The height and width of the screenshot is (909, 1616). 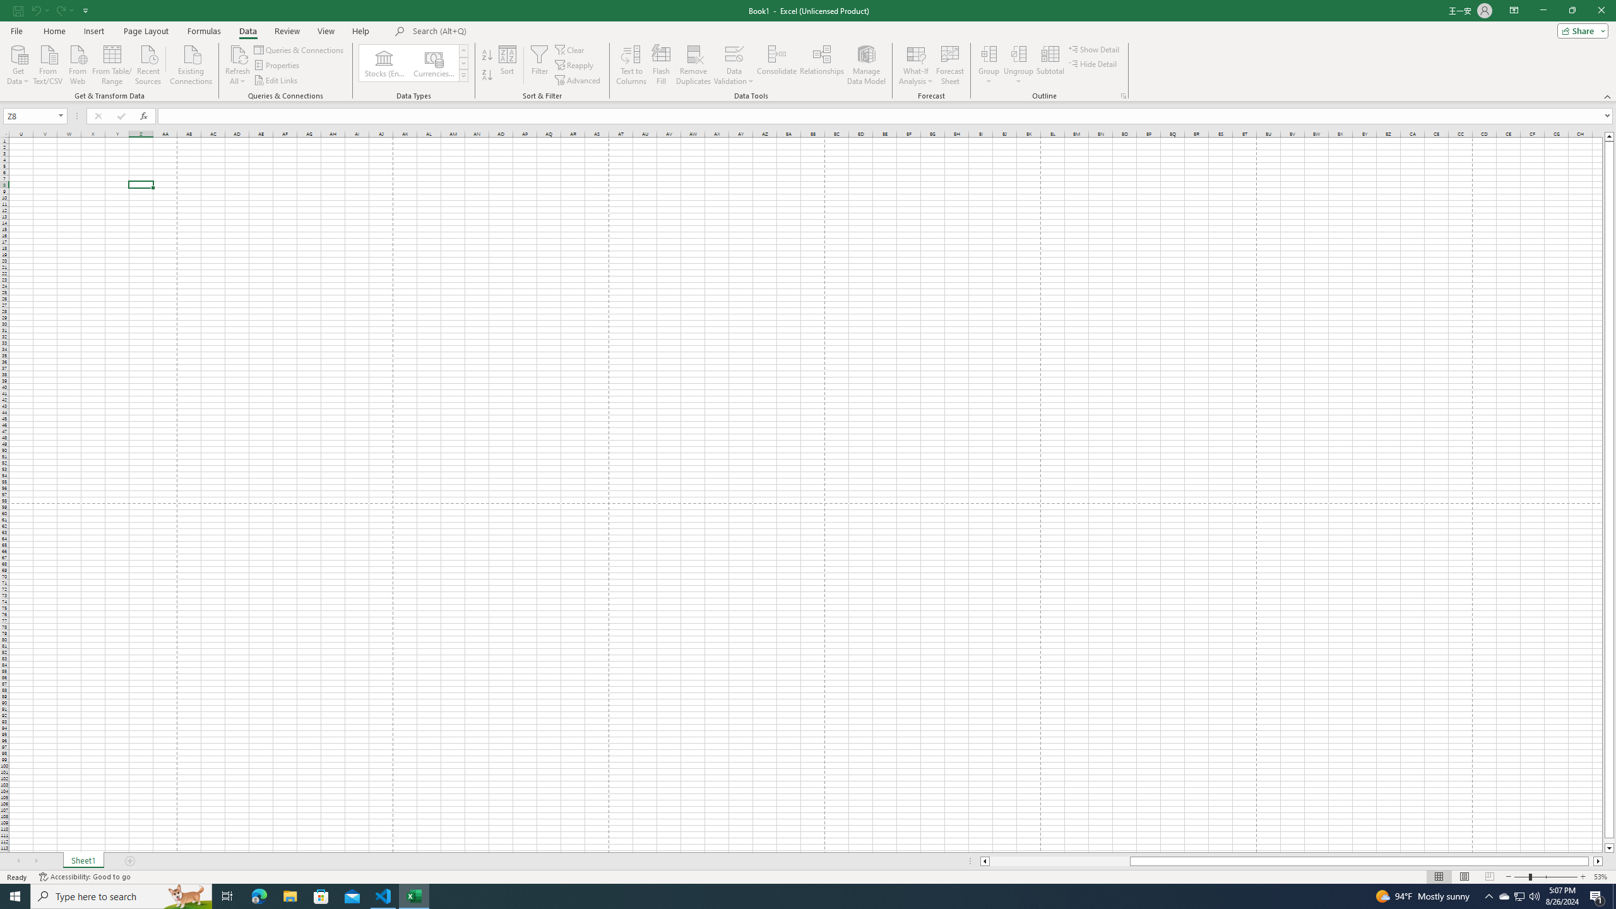 I want to click on 'Consolidate...', so click(x=777, y=65).